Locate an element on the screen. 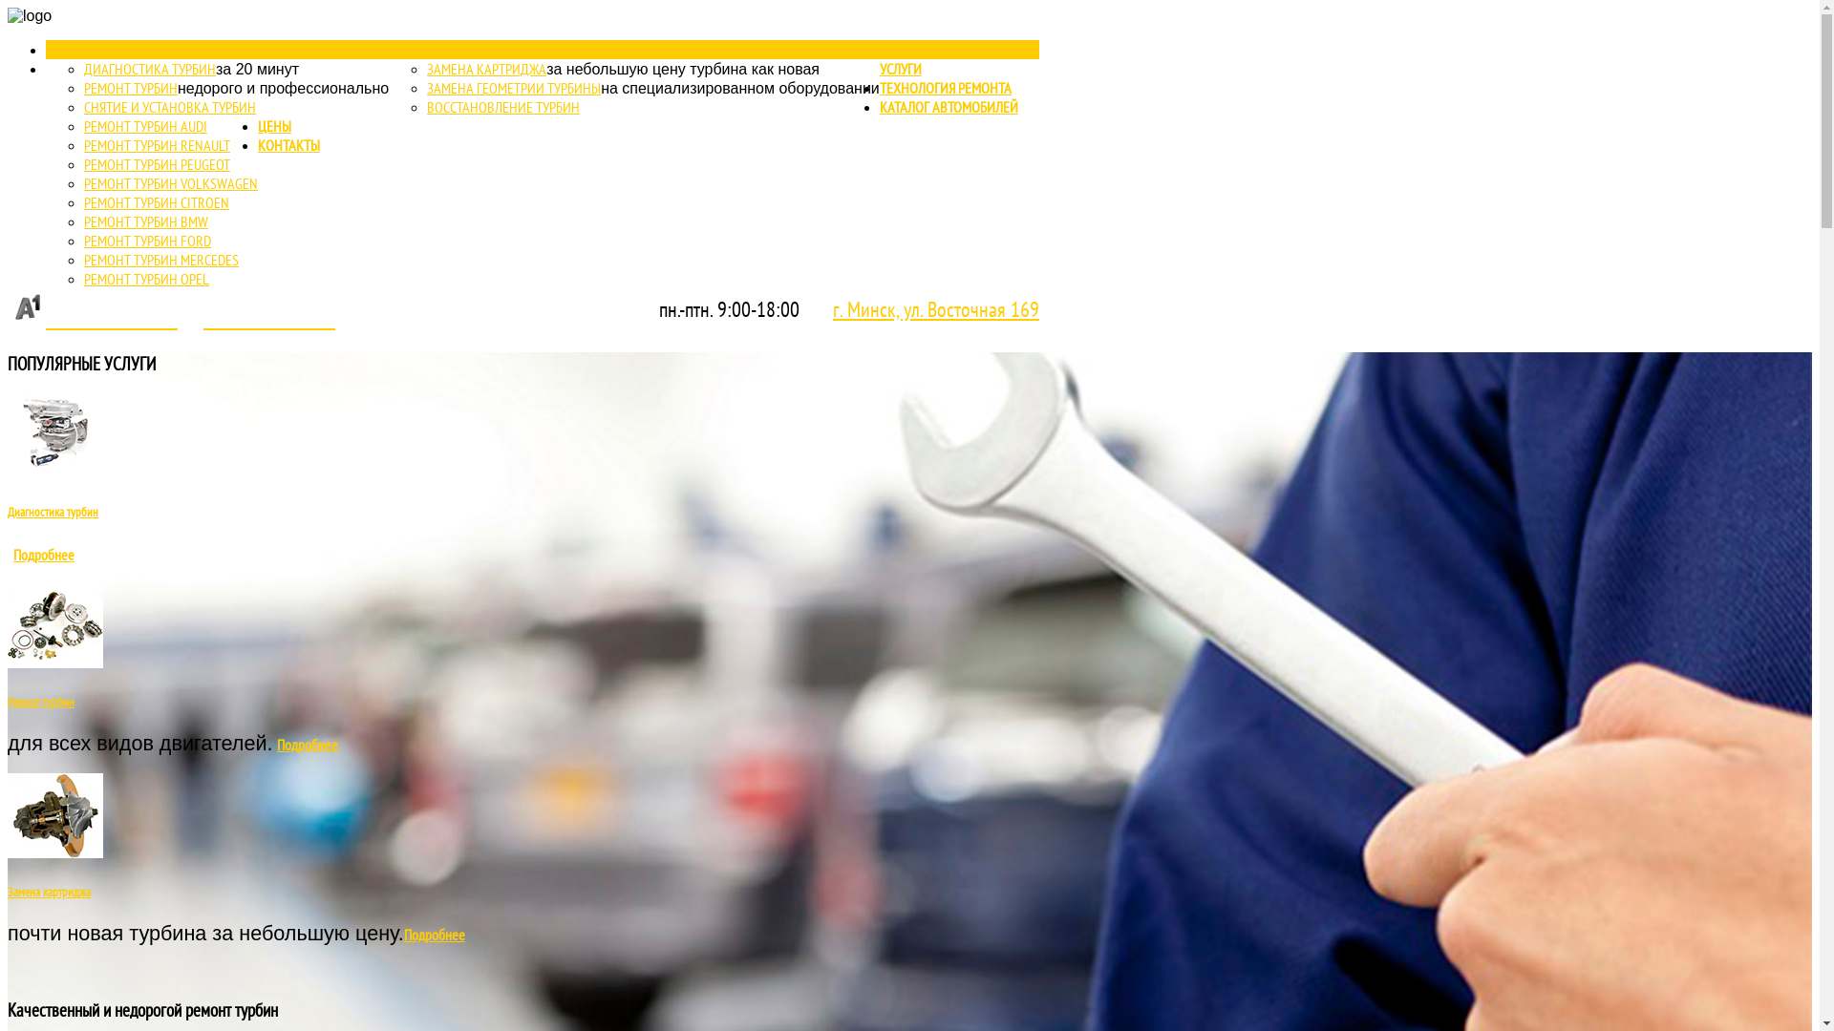  '+375 29 649-99-38' is located at coordinates (91, 317).